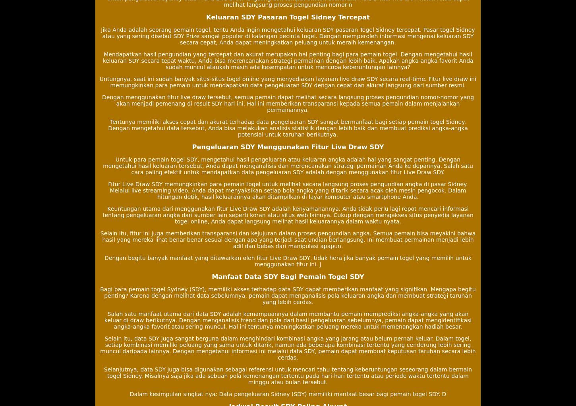 This screenshot has height=406, width=576. Describe the element at coordinates (191, 146) in the screenshot. I see `'Pengeluaran SDY Menggunakan Fitur Live Draw SDY'` at that location.